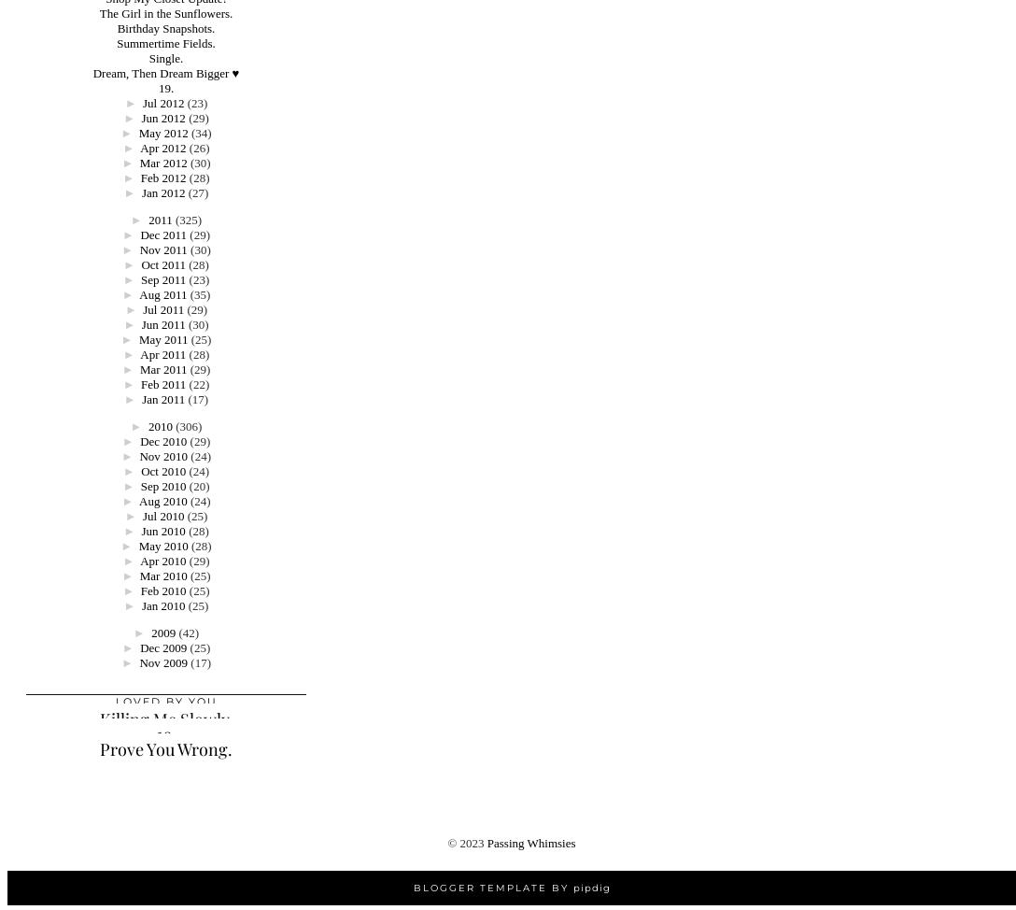 Image resolution: width=1016 pixels, height=910 pixels. I want to click on 'Nov 2010', so click(162, 456).